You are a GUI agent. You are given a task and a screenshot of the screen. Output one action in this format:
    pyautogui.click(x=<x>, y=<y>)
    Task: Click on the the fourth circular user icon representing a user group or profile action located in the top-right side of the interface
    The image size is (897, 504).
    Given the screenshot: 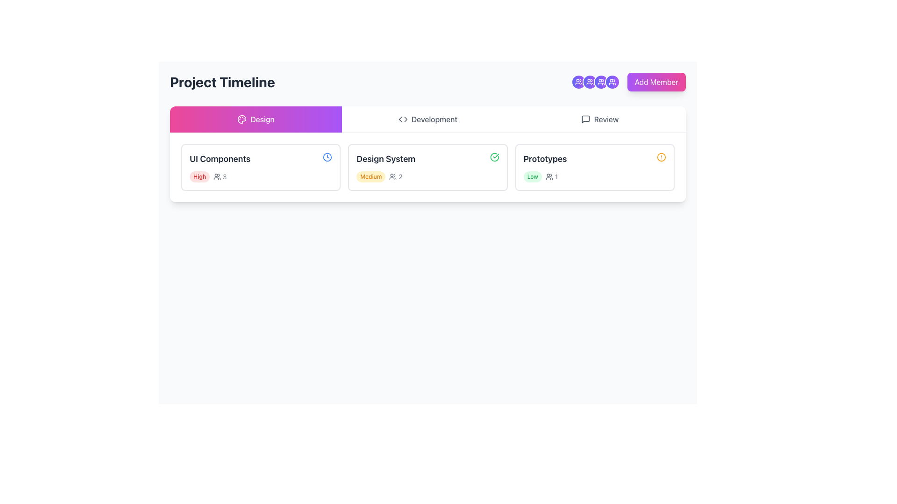 What is the action you would take?
    pyautogui.click(x=601, y=82)
    